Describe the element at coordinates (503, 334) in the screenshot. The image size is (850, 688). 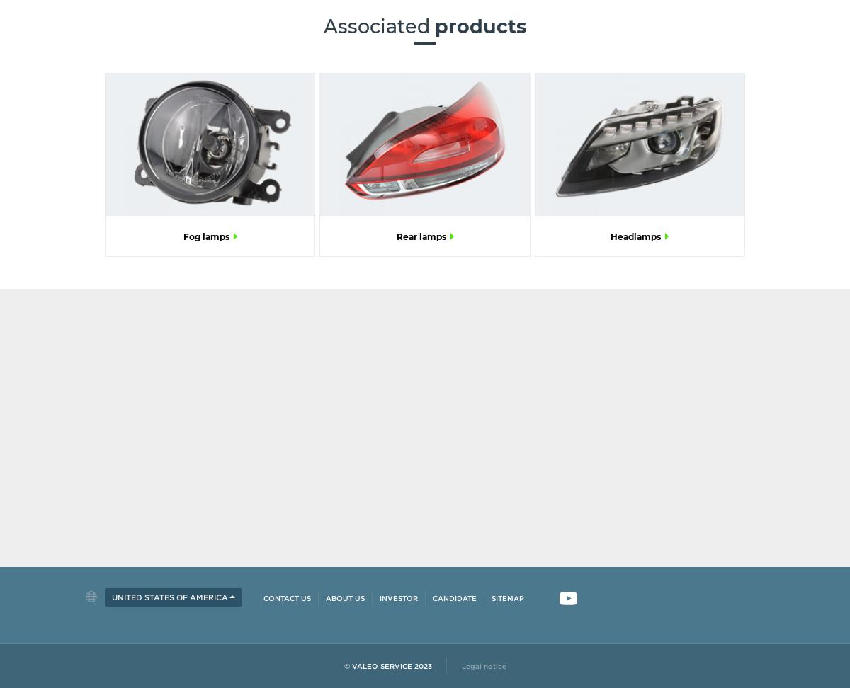
I see `'Stay updated!'` at that location.